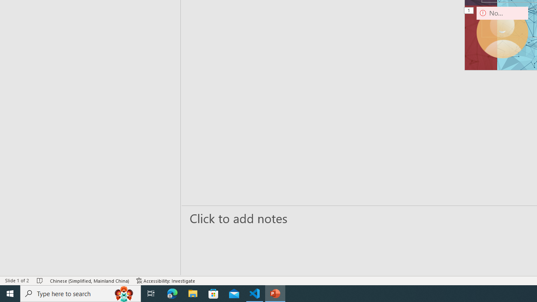  Describe the element at coordinates (502, 32) in the screenshot. I see `'Camera 9, No camera detected.'` at that location.